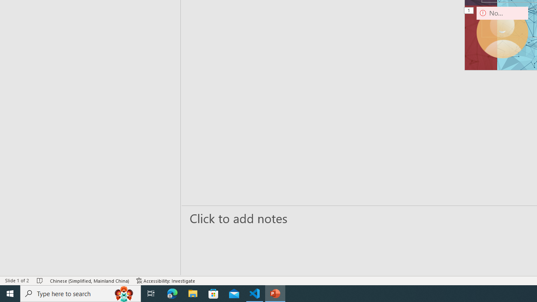  Describe the element at coordinates (502, 32) in the screenshot. I see `'Camera 9, No camera detected.'` at that location.